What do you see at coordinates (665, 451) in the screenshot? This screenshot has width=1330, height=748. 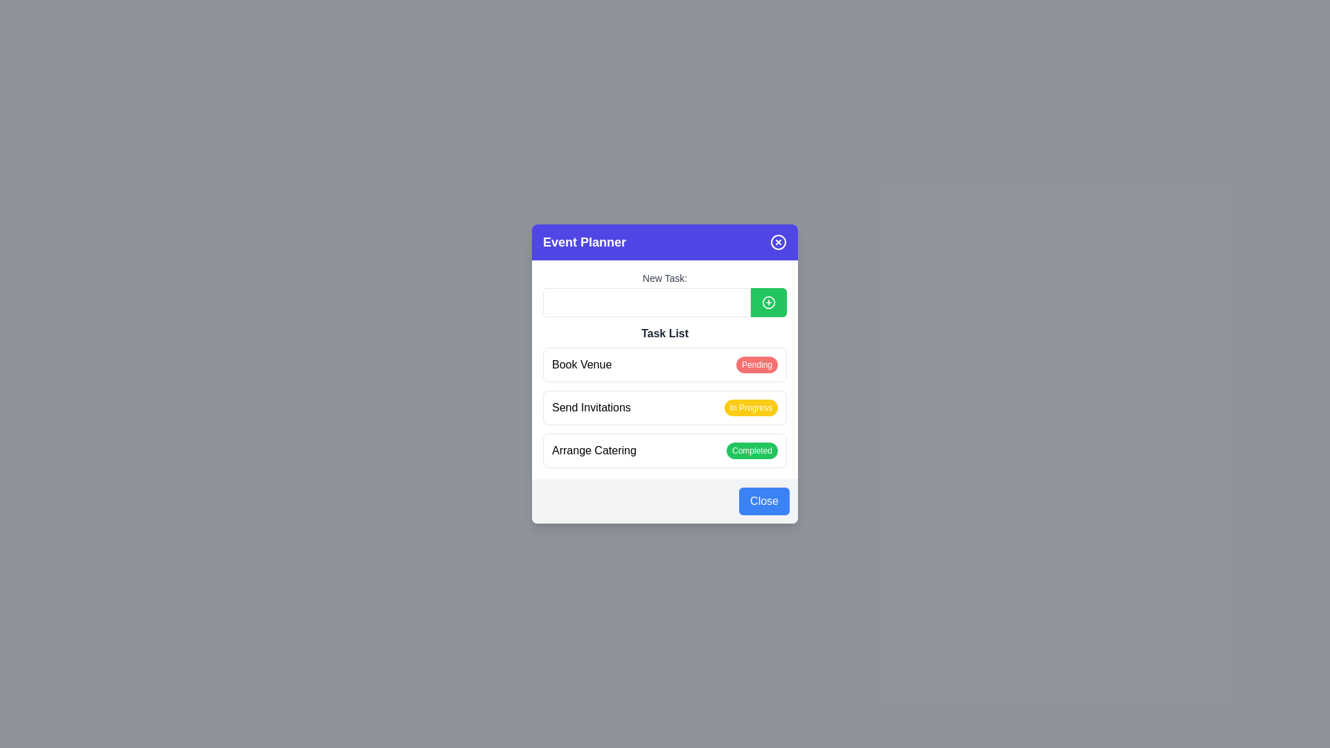 I see `status of the task item labeled 'Arrange Catering' which has a 'Completed' badge` at bounding box center [665, 451].